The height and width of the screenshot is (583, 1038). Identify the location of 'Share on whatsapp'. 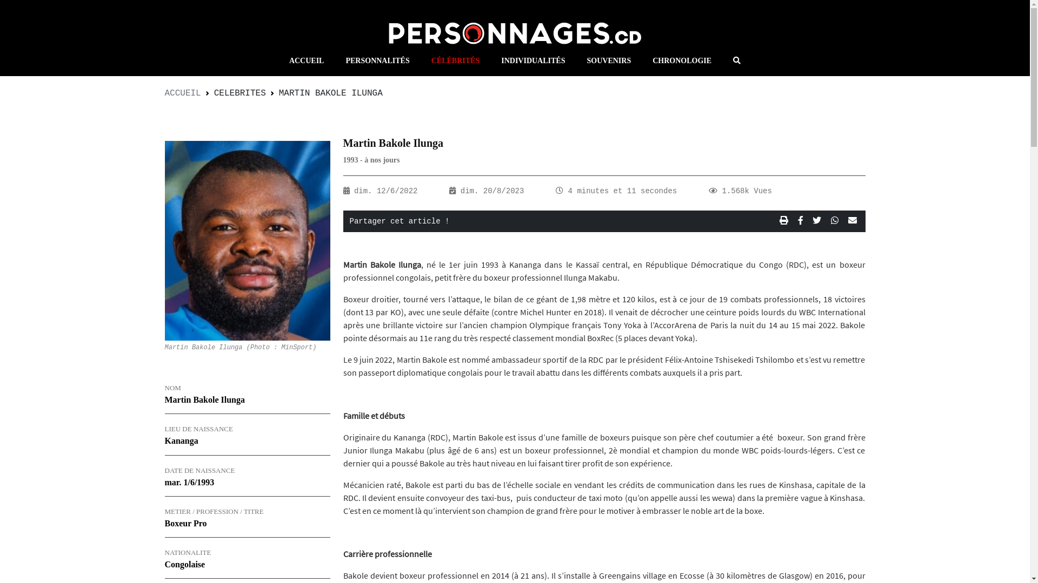
(828, 220).